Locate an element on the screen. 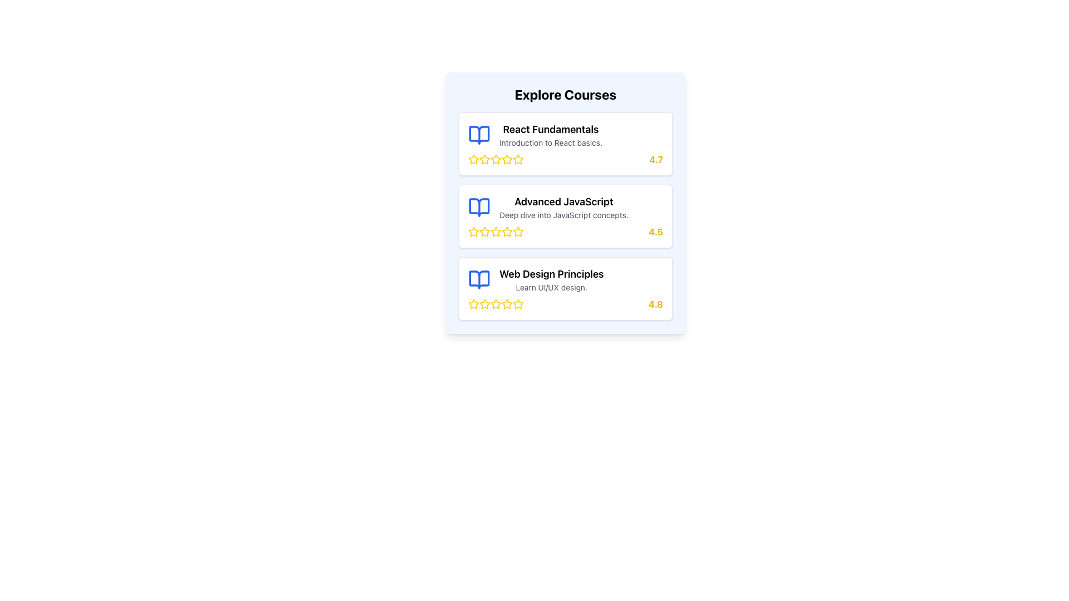 The image size is (1069, 601). third star icon in the sequence of rating stars for the 'Web Design Principles' course card is located at coordinates (484, 304).